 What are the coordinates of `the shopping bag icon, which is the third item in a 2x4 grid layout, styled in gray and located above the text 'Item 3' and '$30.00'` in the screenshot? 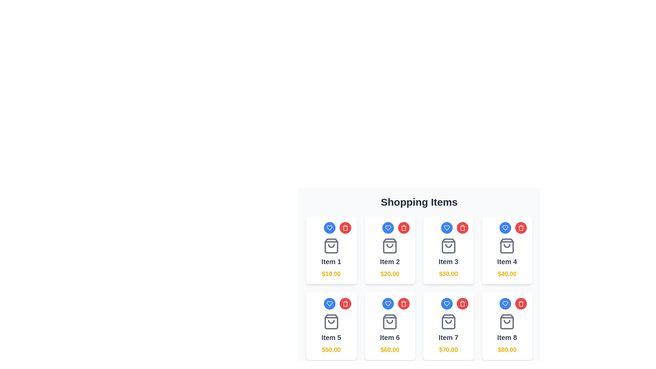 It's located at (448, 246).